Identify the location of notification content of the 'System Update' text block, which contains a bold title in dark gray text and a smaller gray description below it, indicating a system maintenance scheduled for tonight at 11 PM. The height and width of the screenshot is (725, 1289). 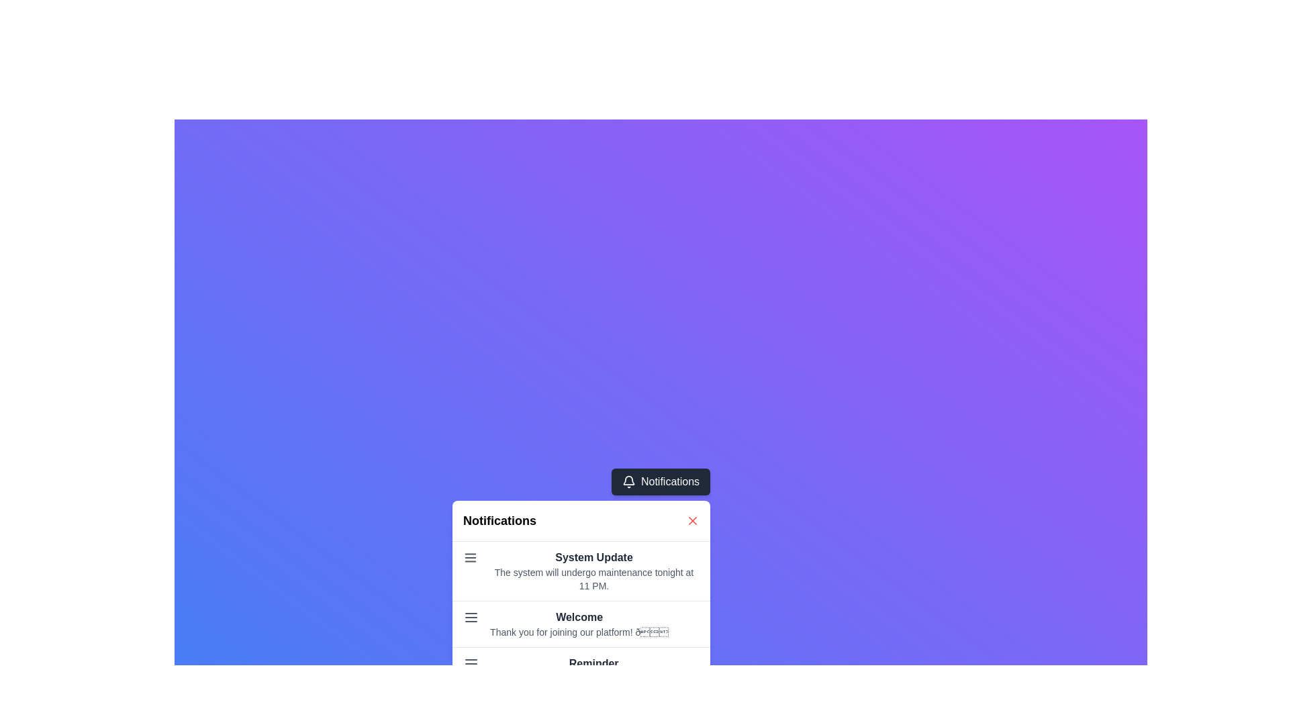
(593, 571).